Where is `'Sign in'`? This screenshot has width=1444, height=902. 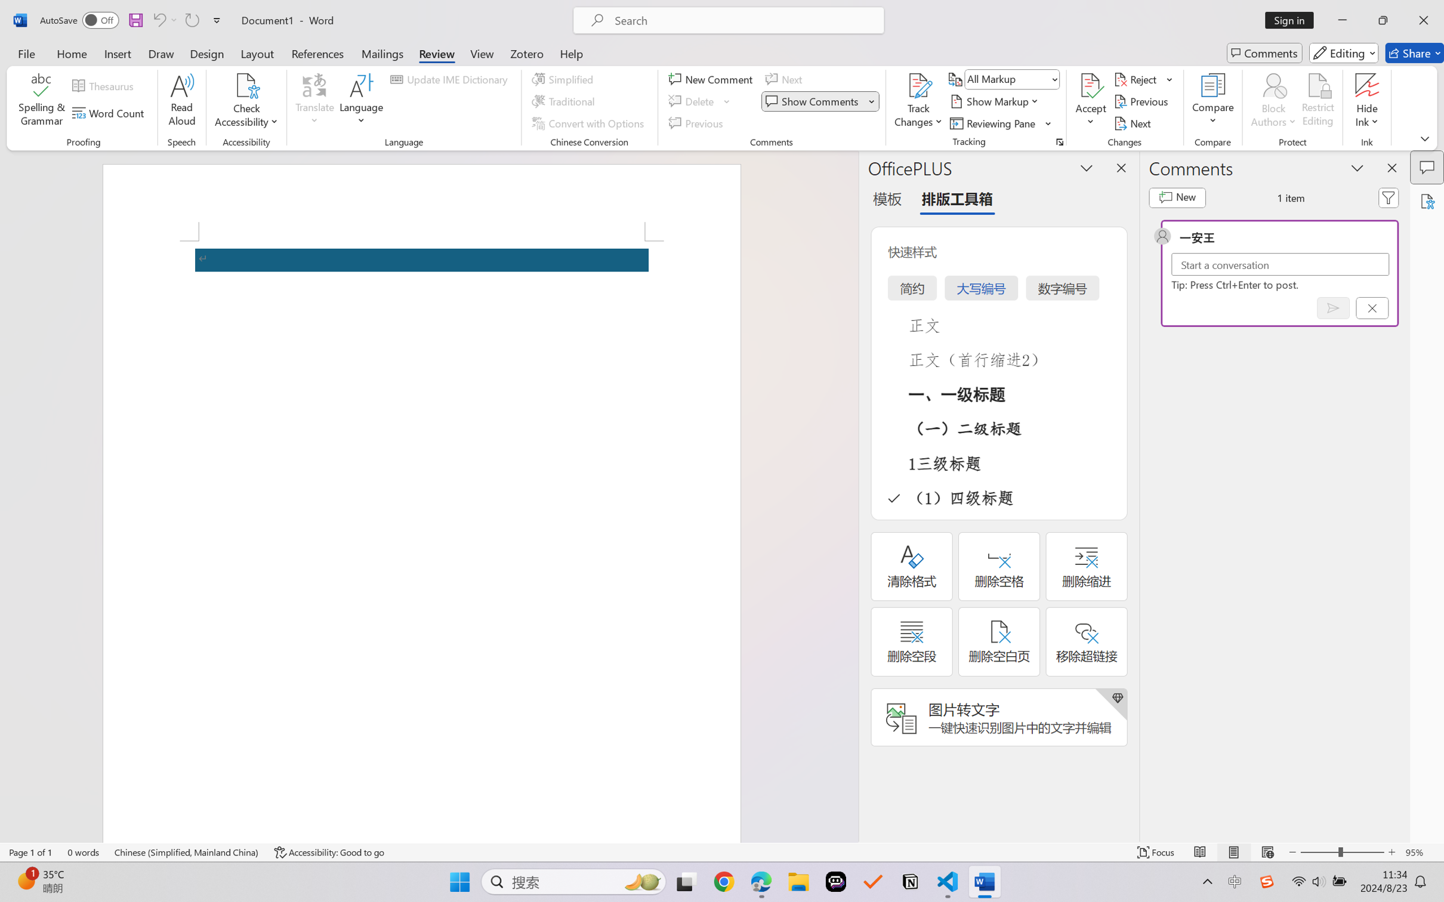 'Sign in' is located at coordinates (1294, 20).